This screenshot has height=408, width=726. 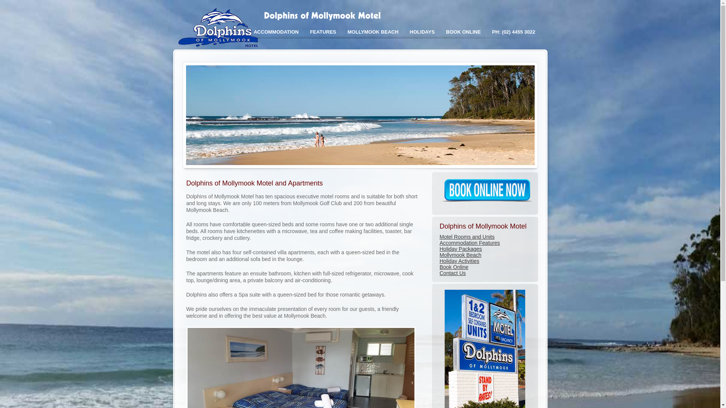 I want to click on 'ACCOMMODATION', so click(x=276, y=31).